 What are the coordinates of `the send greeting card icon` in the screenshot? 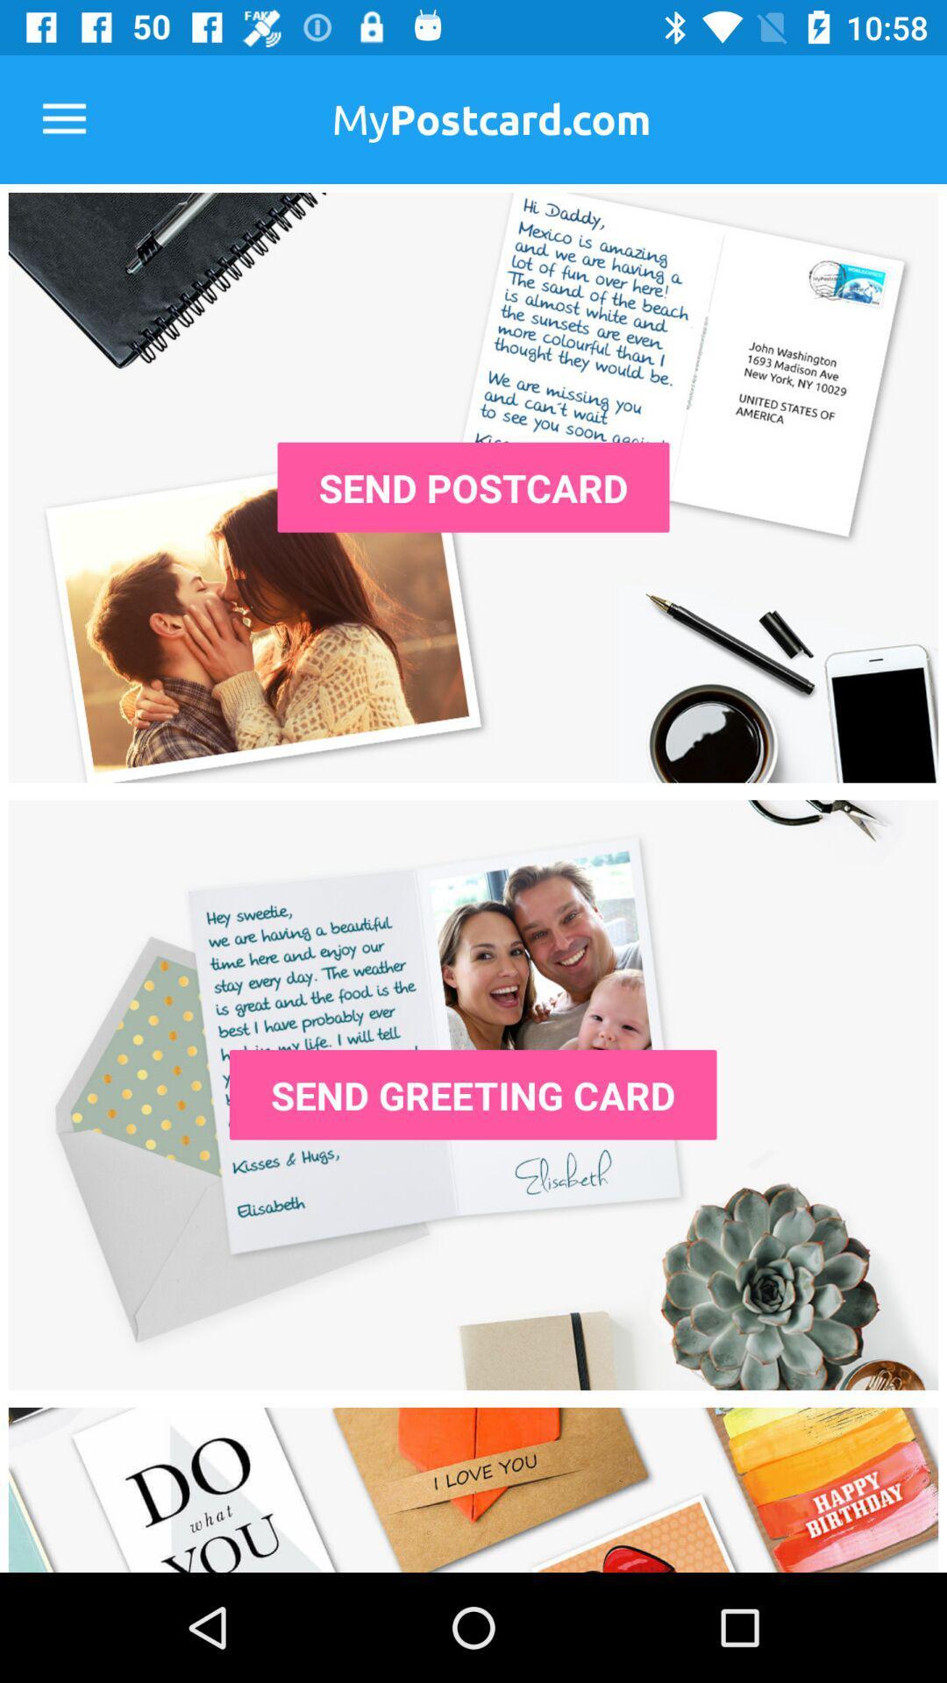 It's located at (472, 1094).